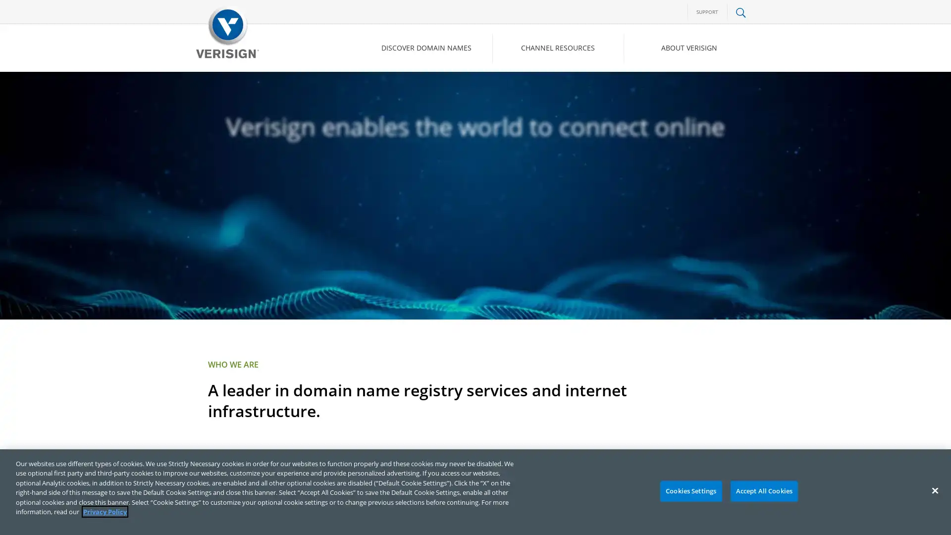 The image size is (951, 535). Describe the element at coordinates (763, 491) in the screenshot. I see `Accept All Cookies` at that location.